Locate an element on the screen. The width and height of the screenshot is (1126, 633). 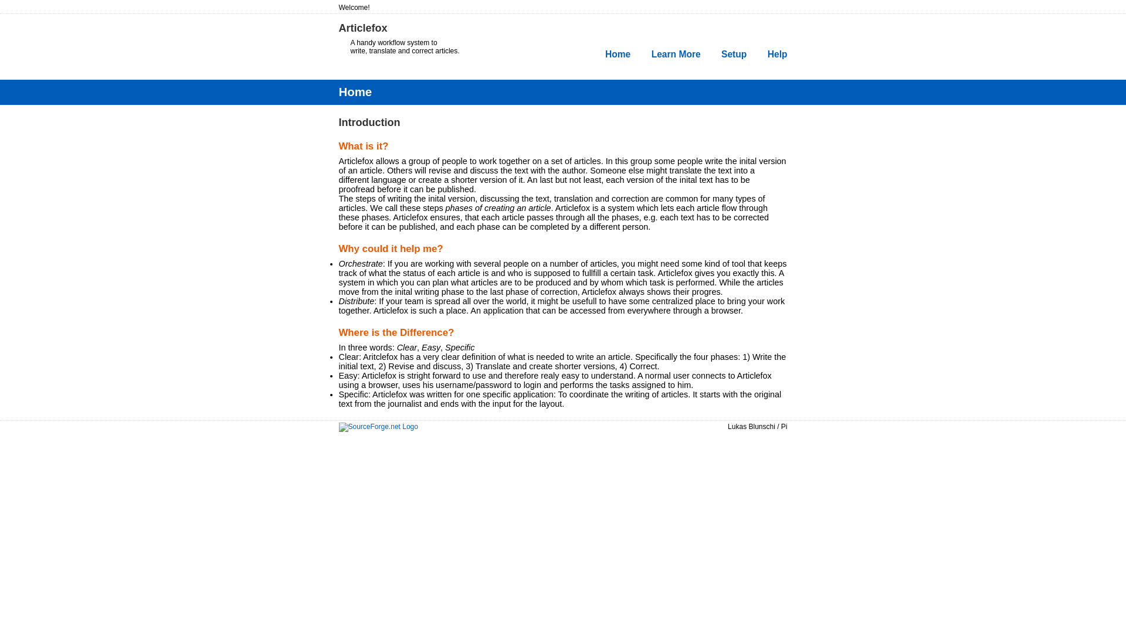
'Help' is located at coordinates (777, 54).